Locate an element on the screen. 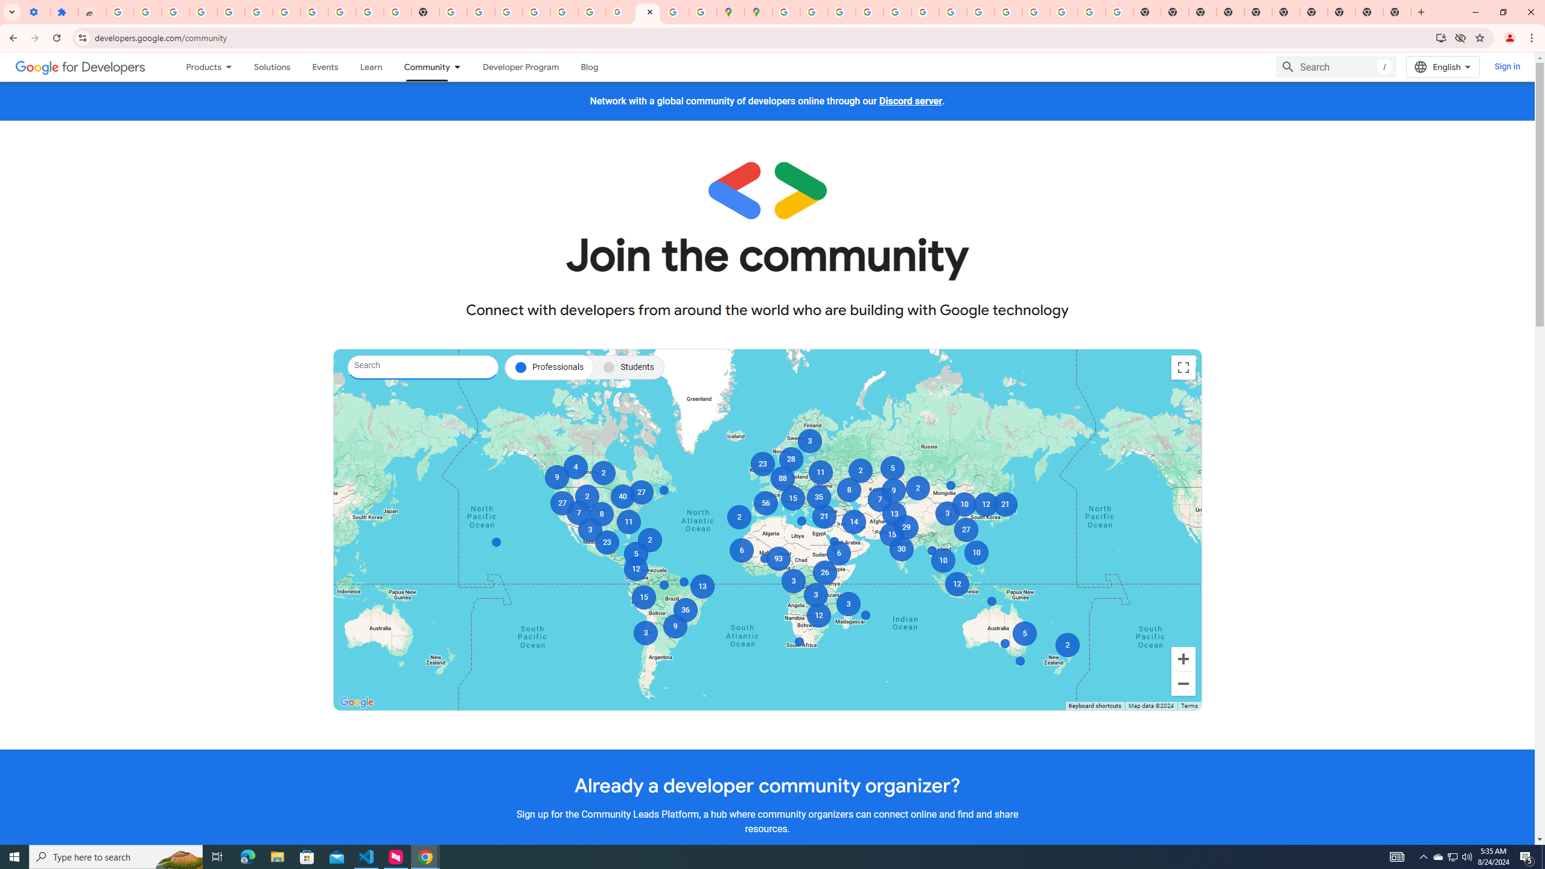 The width and height of the screenshot is (1545, 869). '26' is located at coordinates (824, 571).